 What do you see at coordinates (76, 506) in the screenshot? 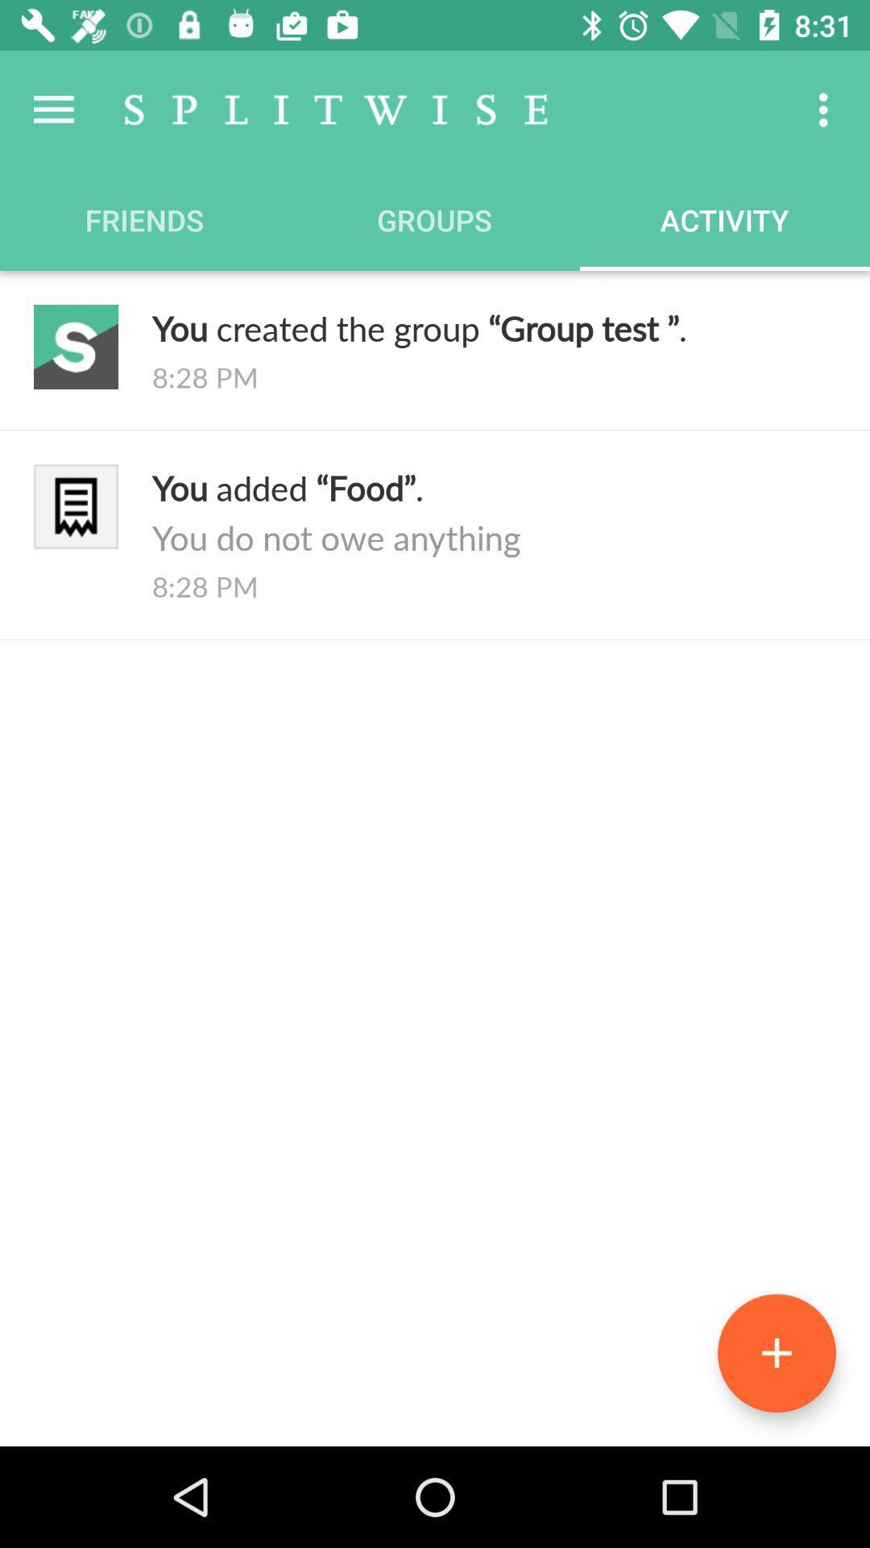
I see `the logo which is left to you added food` at bounding box center [76, 506].